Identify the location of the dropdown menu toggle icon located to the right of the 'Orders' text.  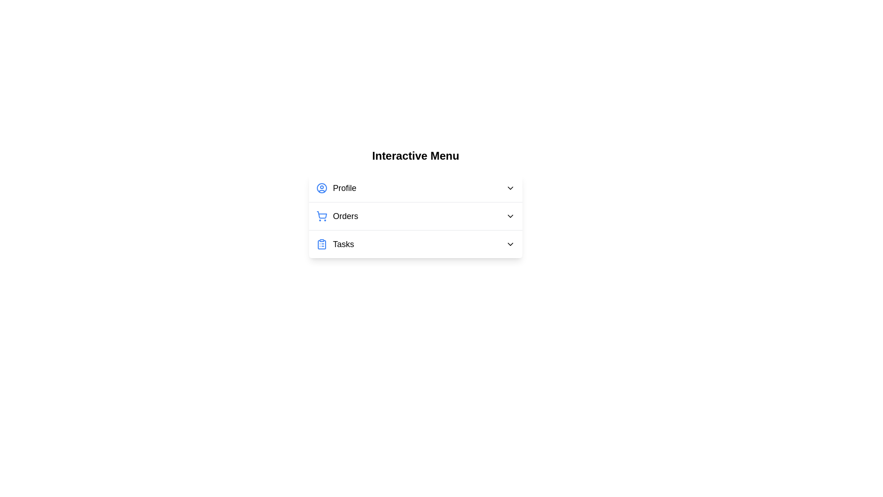
(510, 216).